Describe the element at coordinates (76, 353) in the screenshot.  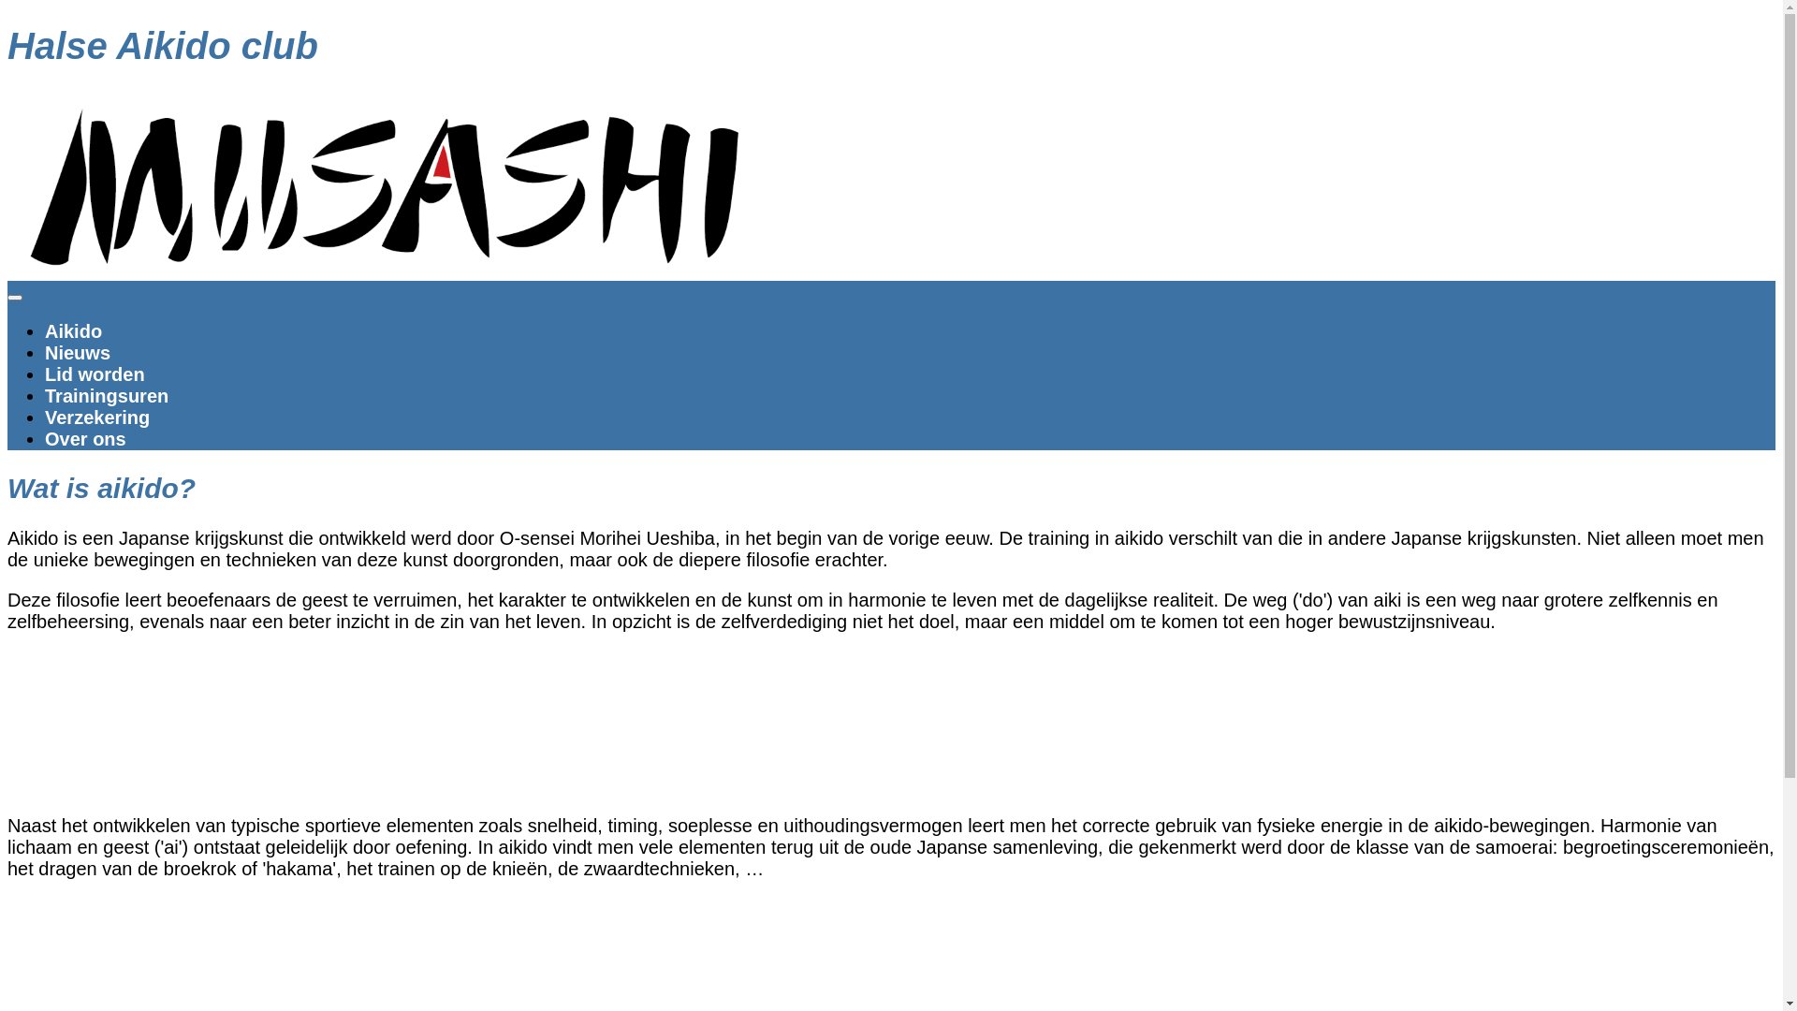
I see `'Nieuws'` at that location.